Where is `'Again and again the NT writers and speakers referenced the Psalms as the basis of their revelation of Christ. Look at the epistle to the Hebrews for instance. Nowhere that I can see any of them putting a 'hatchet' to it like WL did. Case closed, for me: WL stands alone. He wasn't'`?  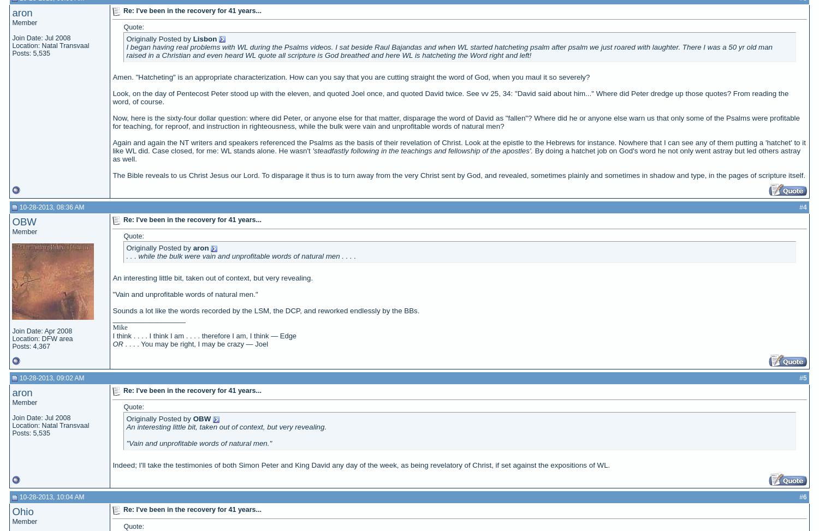
'Again and again the NT writers and speakers referenced the Psalms as the basis of their revelation of Christ. Look at the epistle to the Hebrews for instance. Nowhere that I can see any of them putting a 'hatchet' to it like WL did. Case closed, for me: WL stands alone. He wasn't' is located at coordinates (458, 145).